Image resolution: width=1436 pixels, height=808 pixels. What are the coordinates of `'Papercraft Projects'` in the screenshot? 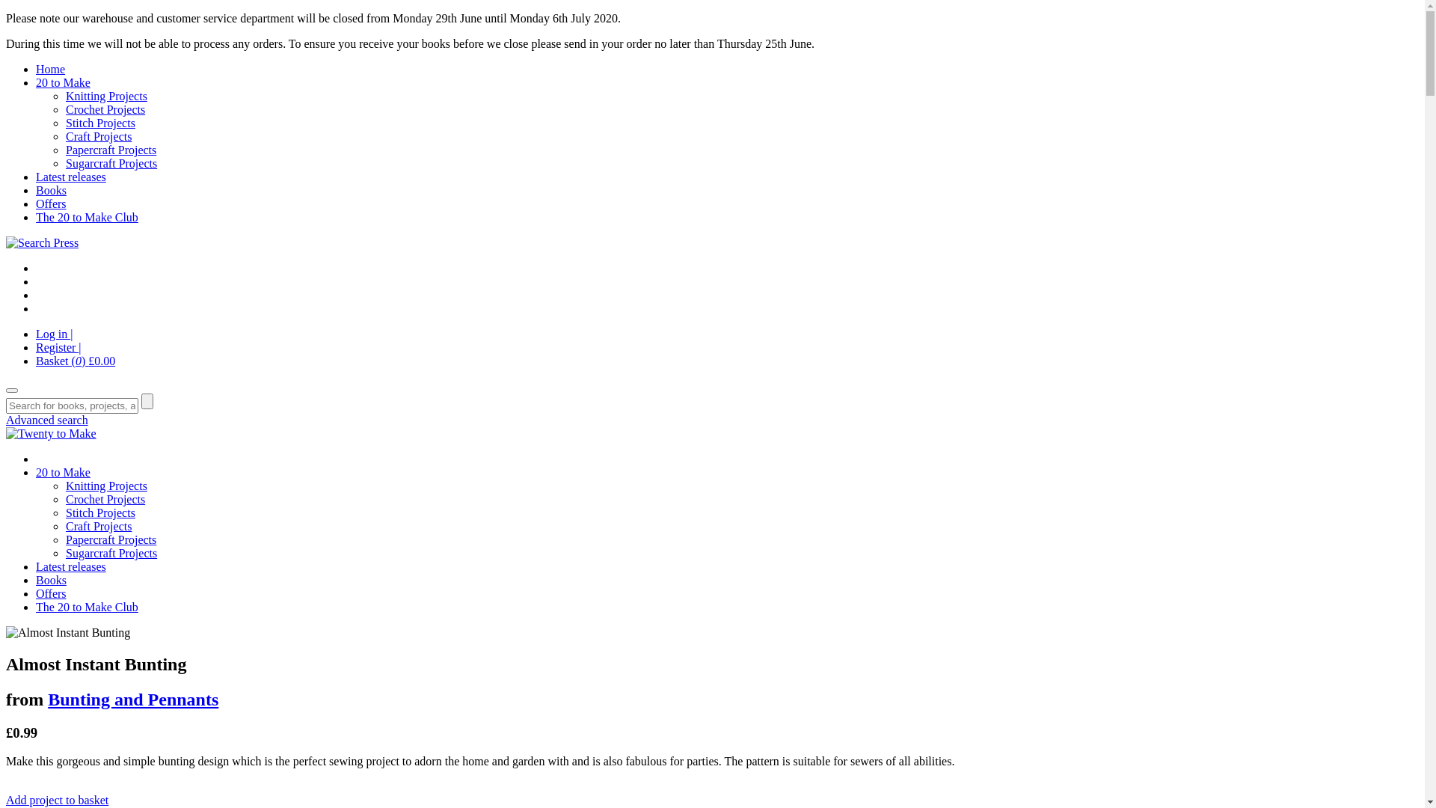 It's located at (110, 539).